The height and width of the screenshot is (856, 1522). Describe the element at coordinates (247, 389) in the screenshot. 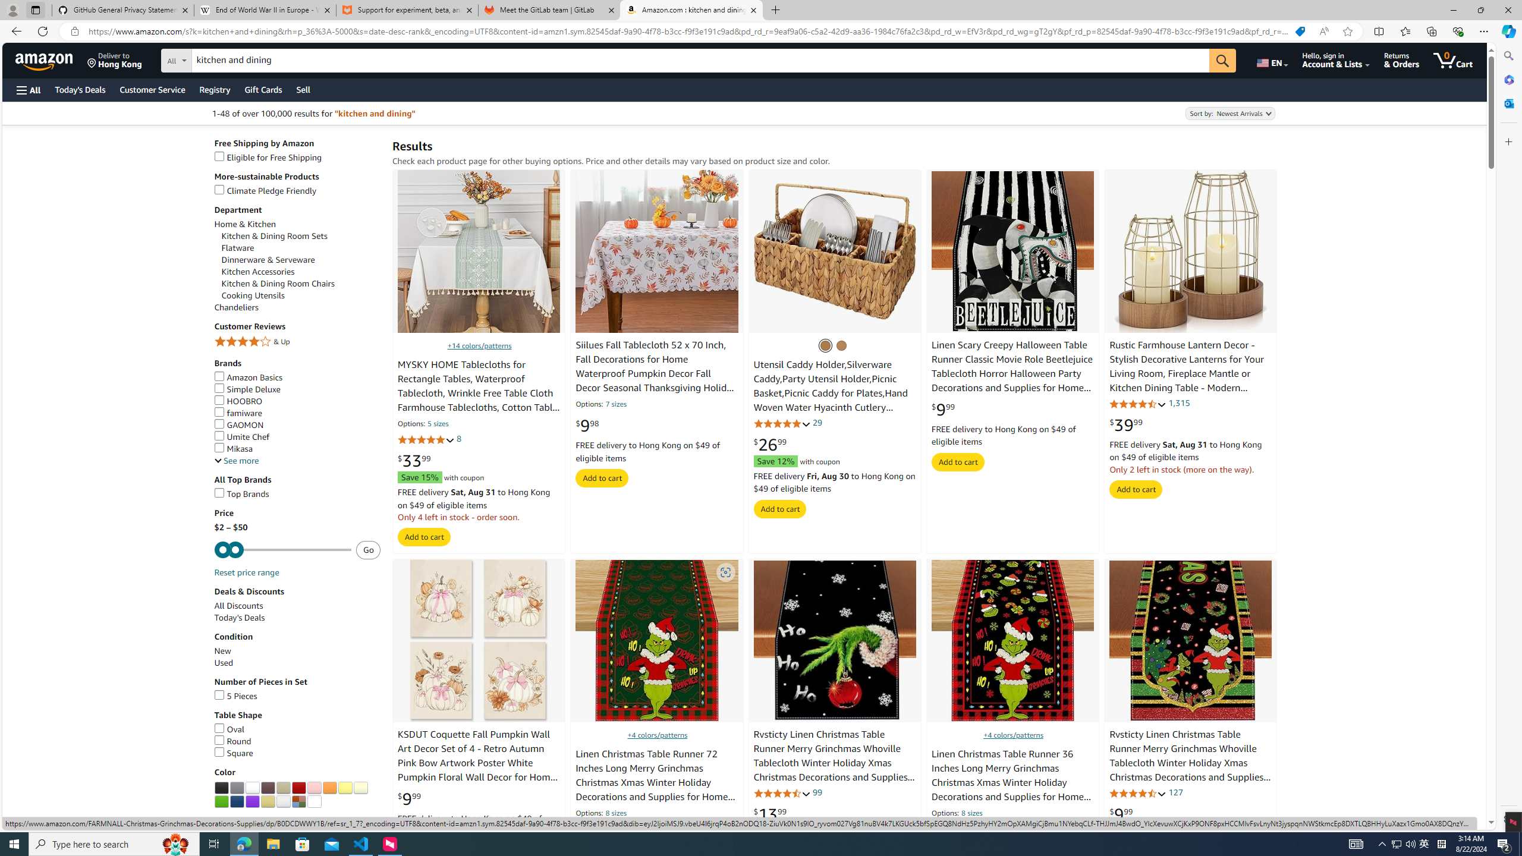

I see `'Simple Deluxe'` at that location.